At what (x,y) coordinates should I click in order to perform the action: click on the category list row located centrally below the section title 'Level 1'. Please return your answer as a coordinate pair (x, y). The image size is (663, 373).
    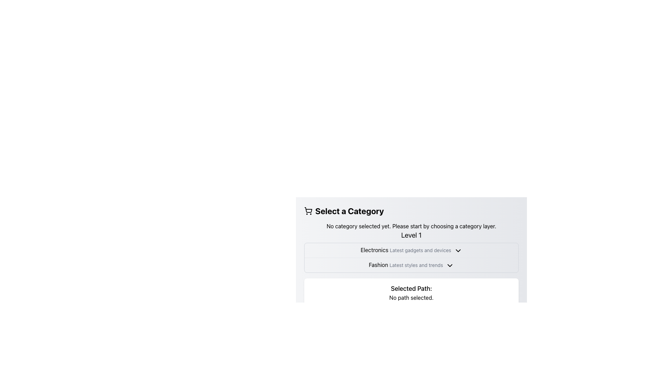
    Looking at the image, I should click on (411, 258).